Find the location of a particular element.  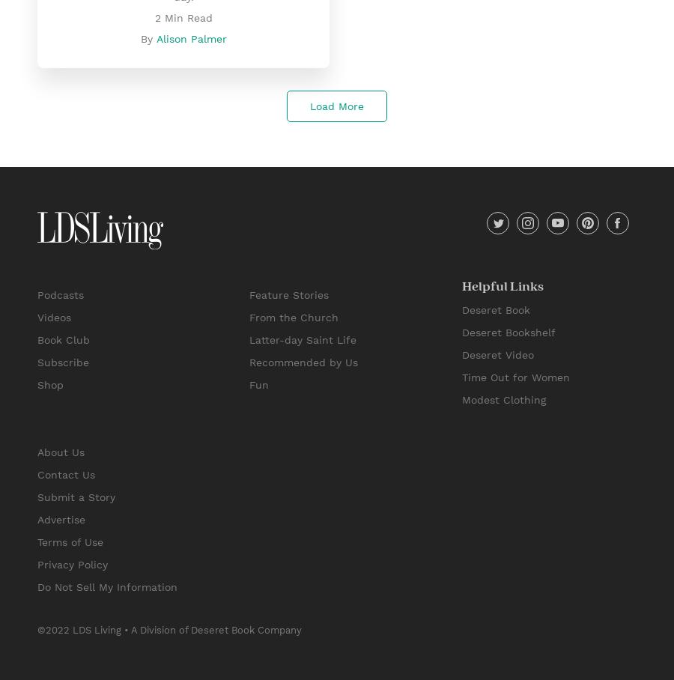

'Videos' is located at coordinates (53, 317).